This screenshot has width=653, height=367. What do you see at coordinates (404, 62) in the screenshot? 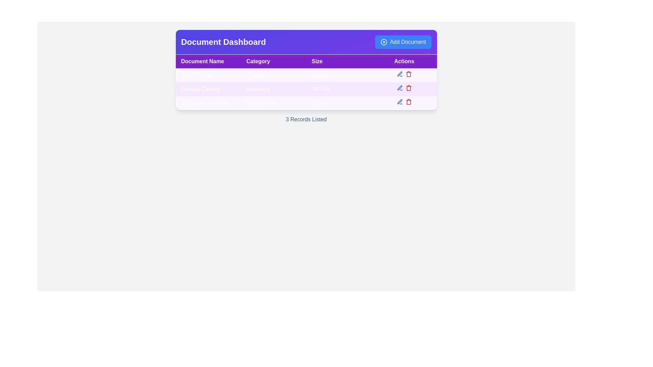
I see `the 'Actions' text label, which is styled with a bold white font on a purple background and located at the far-right end of the table header row` at bounding box center [404, 62].